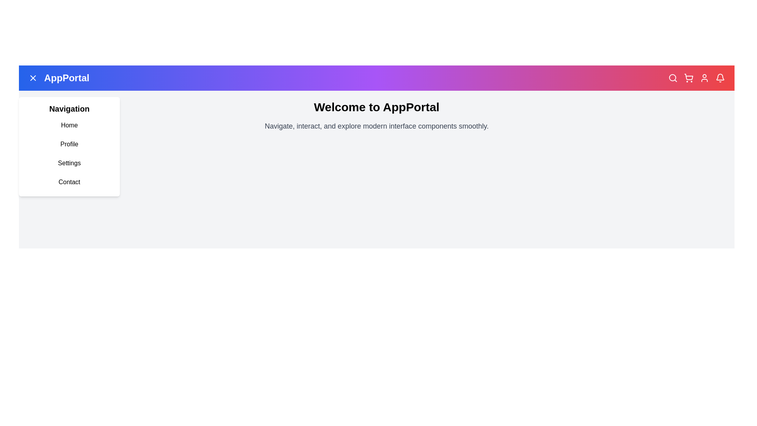  I want to click on the notification icon button located at the top-right of the interface, so click(720, 77).